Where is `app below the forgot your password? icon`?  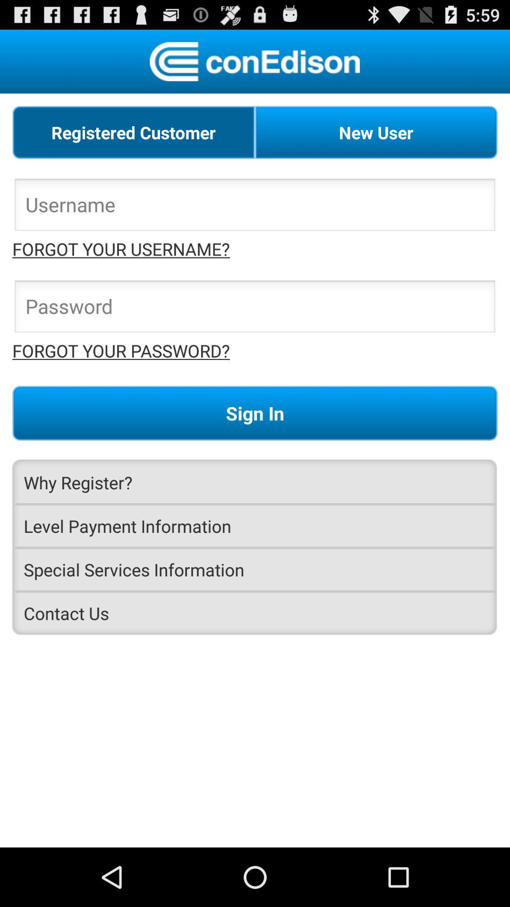 app below the forgot your password? icon is located at coordinates (255, 413).